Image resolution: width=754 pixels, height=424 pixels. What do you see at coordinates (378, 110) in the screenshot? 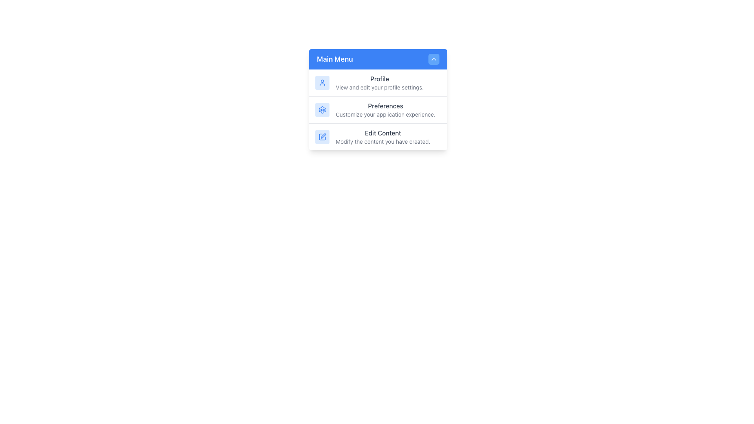
I see `the 'Preferences' list item in the 'Main Menu' dialog box` at bounding box center [378, 110].